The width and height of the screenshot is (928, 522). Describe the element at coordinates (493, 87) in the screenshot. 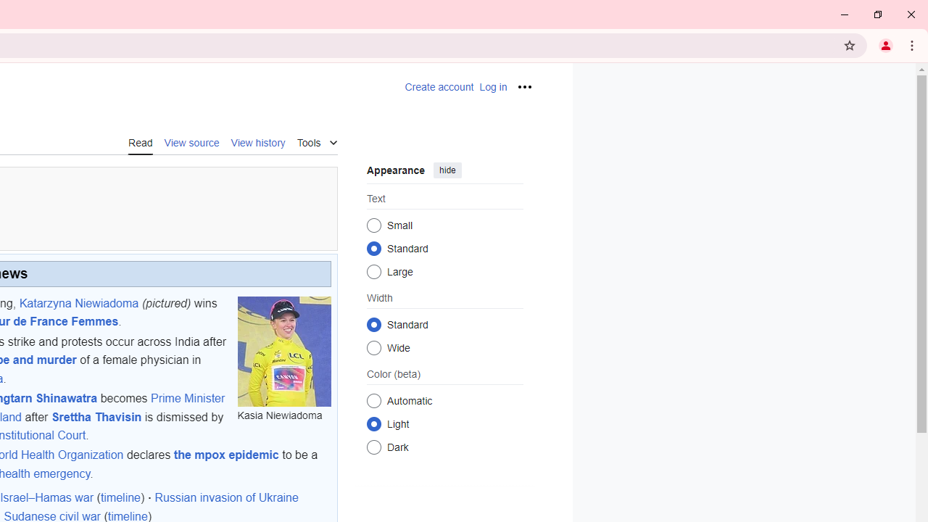

I see `'AutomationID: pt-login-2'` at that location.